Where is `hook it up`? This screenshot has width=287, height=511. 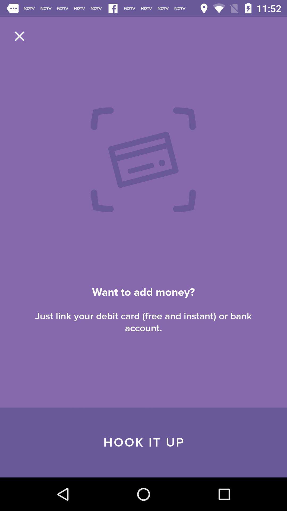 hook it up is located at coordinates (143, 442).